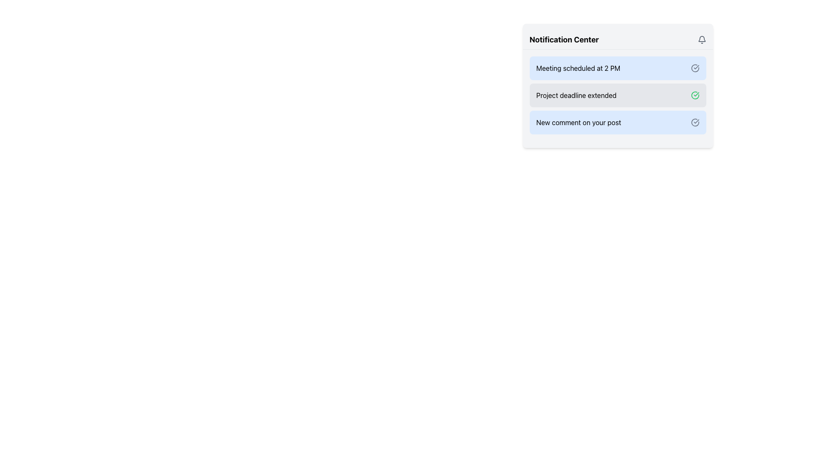 This screenshot has height=458, width=815. Describe the element at coordinates (695, 95) in the screenshot. I see `the circular graphic element featuring a green outline and a checkmark, located on the right side of the 'Project deadline extended' notification in the 'Notification Center' panel` at that location.